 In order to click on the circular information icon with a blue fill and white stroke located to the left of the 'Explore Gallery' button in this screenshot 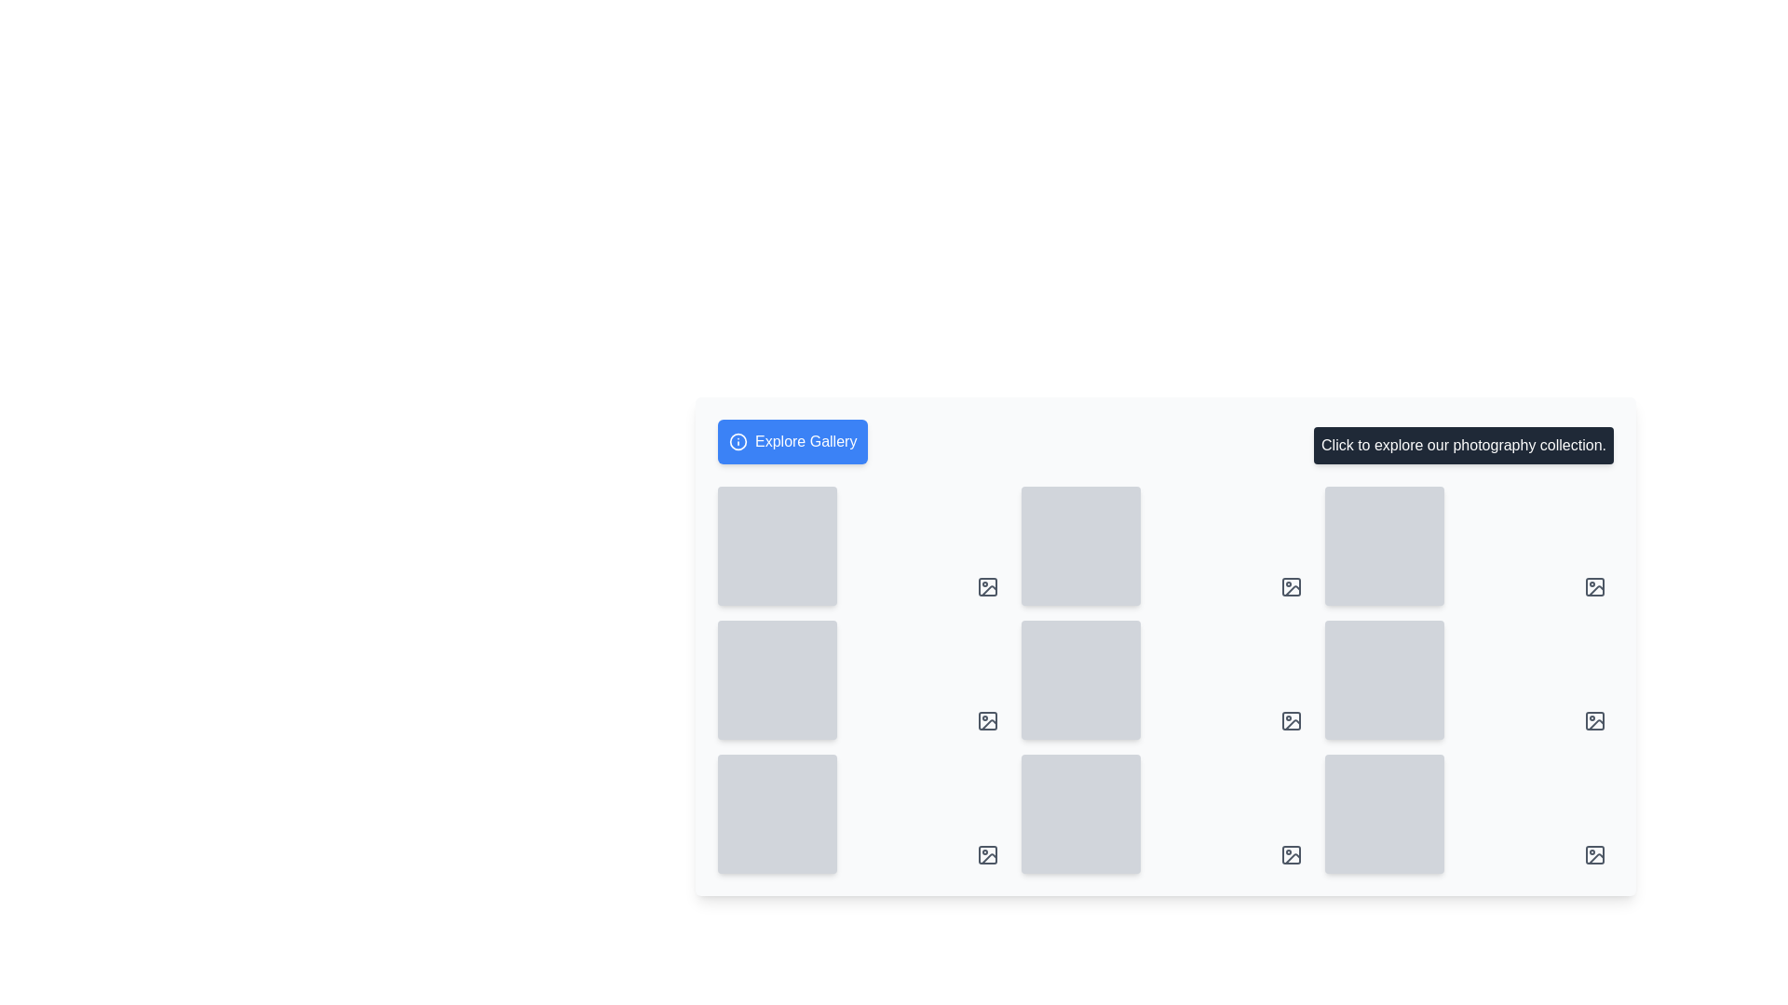, I will do `click(737, 441)`.